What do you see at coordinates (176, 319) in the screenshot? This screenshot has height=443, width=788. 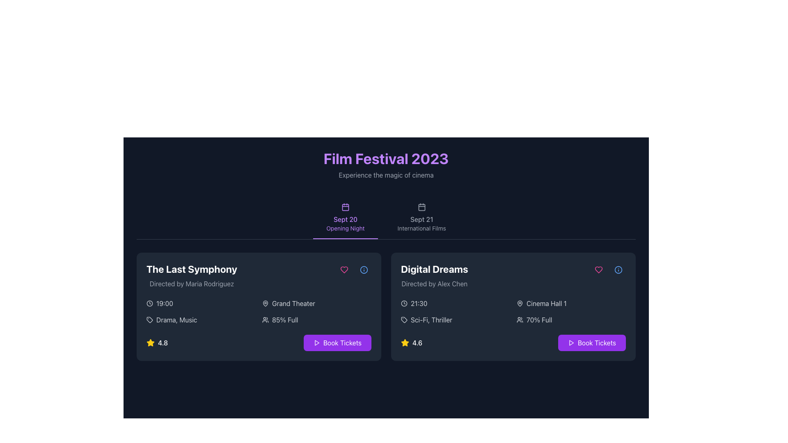 I see `on the light gray text label displaying the genres 'Drama, Music' located in the card for 'The Last Symphony' film event, positioned beneath the event's name and time, and` at bounding box center [176, 319].